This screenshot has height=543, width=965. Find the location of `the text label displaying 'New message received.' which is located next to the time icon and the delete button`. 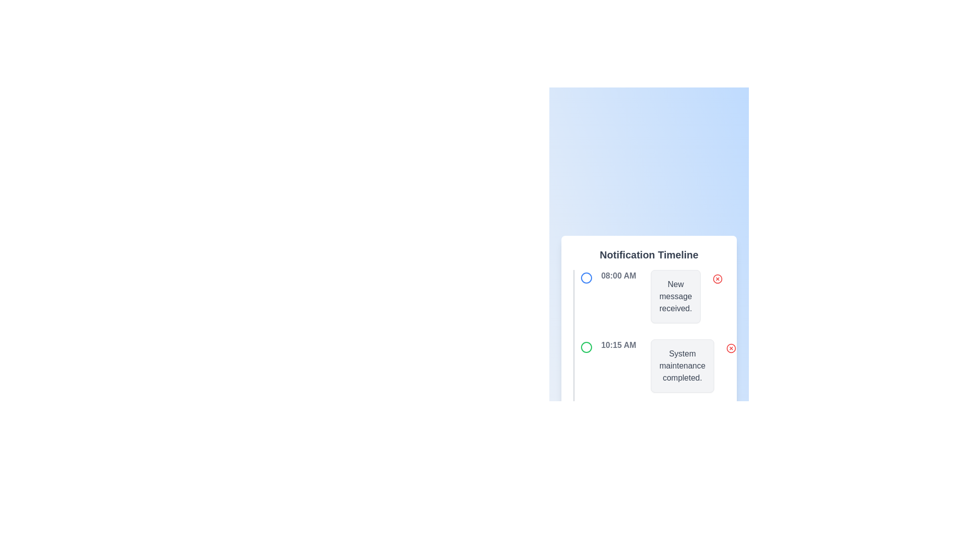

the text label displaying 'New message received.' which is located next to the time icon and the delete button is located at coordinates (675, 296).